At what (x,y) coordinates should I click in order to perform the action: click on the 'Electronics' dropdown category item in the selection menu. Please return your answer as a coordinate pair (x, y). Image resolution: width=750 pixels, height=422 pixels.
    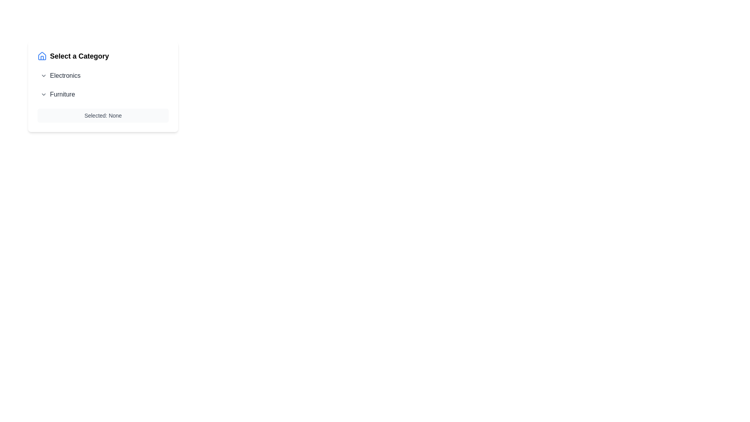
    Looking at the image, I should click on (103, 75).